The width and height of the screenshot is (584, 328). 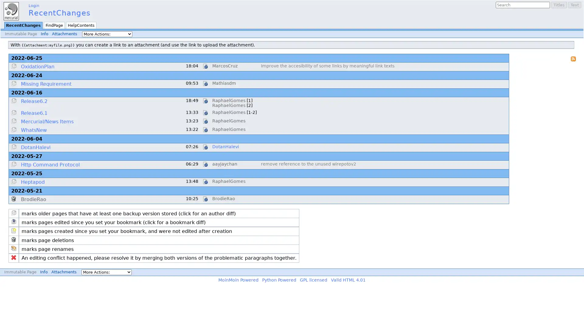 I want to click on Text, so click(x=574, y=5).